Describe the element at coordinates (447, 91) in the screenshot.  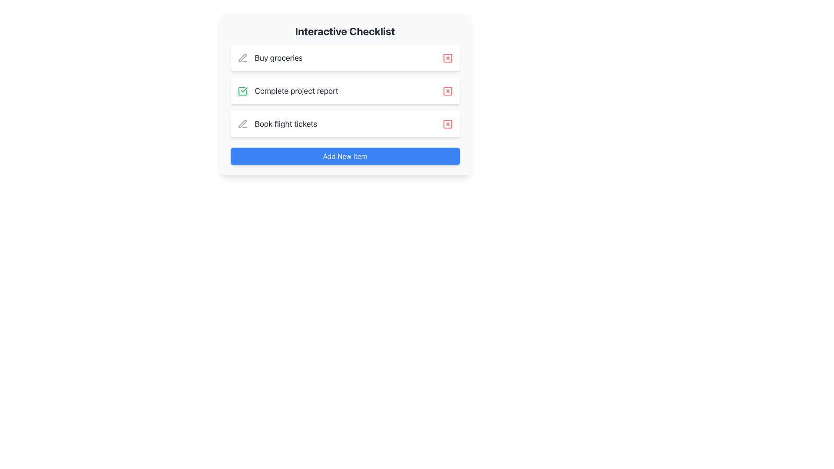
I see `the delete button located on the far right of the checklist item's row` at that location.